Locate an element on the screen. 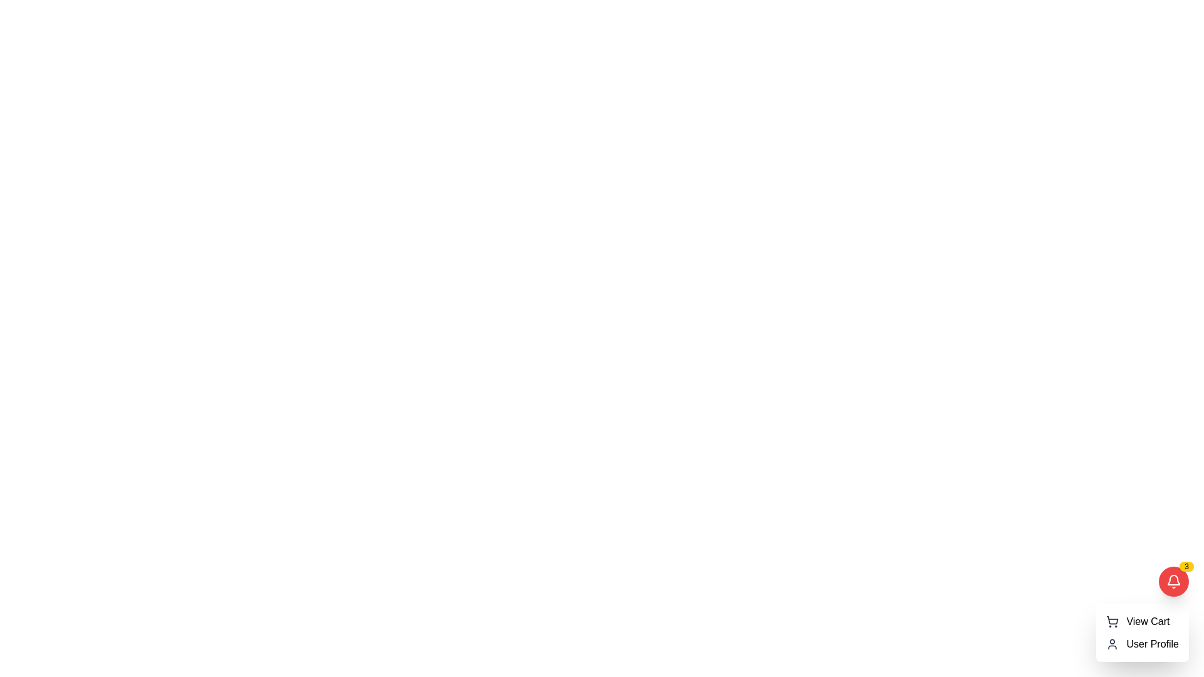  the Text Label that indicates user-related options located at the bottom-right corner of the interface, beneath the shopping cart and user profile icons is located at coordinates (1153, 644).